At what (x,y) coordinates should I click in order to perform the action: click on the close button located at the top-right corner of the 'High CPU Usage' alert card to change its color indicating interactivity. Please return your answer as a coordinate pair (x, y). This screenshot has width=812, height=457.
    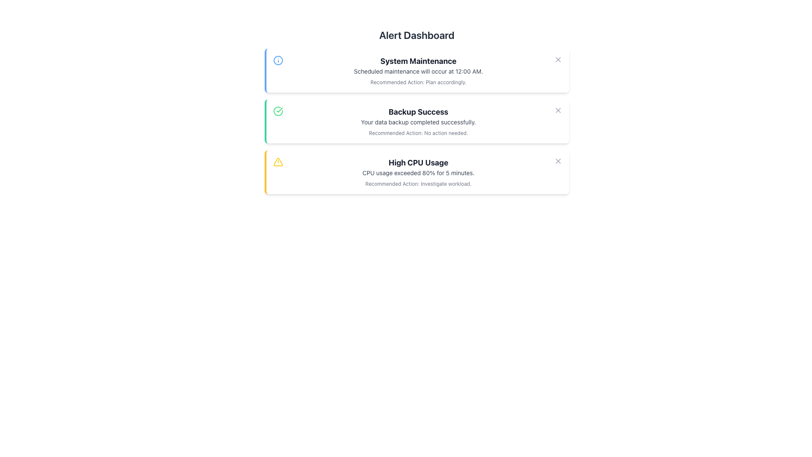
    Looking at the image, I should click on (558, 161).